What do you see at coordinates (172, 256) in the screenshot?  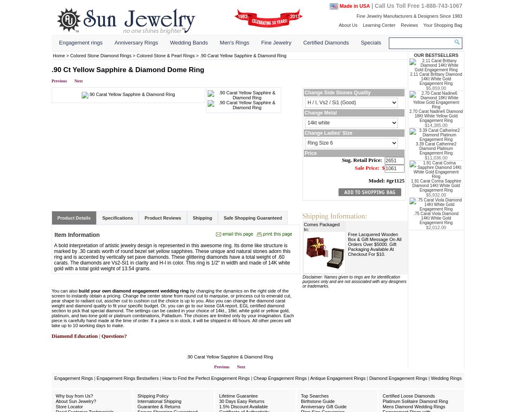 I see `'A bold interpretation of artistic jewelry design is represented in this awesome ring. Its dome like structure is marked by .30 carats worth of round bezel set yellow sapphires. These unique and natural stones adorn this ring and is accented by vertically set pave diamonds. These glittering diamonds have a total weight of .60 carats. The diamonds are Vs2-Si1 in clarity and H-I in color. This ring is 1/2" in width and made of 14K white gold with a total gold weight of 13.54 grams.'` at bounding box center [172, 256].